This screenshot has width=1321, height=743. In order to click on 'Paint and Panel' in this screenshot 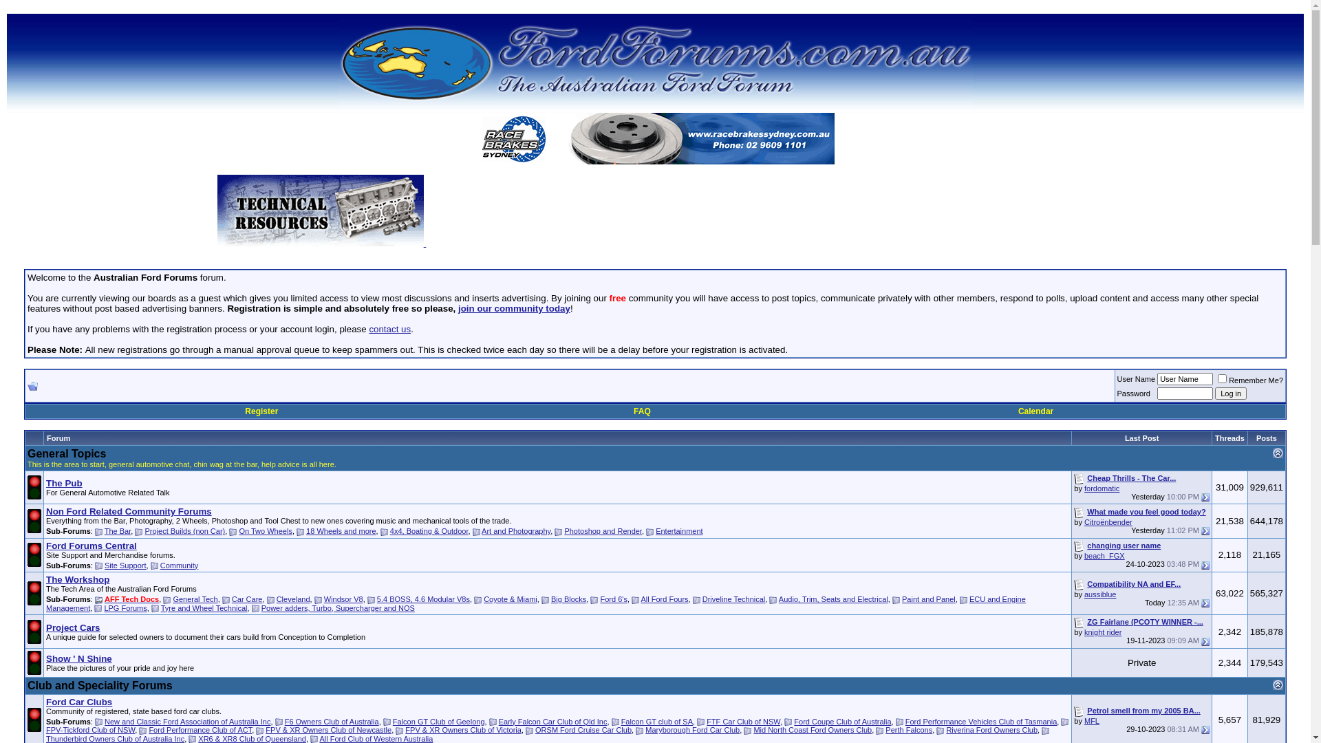, I will do `click(928, 599)`.